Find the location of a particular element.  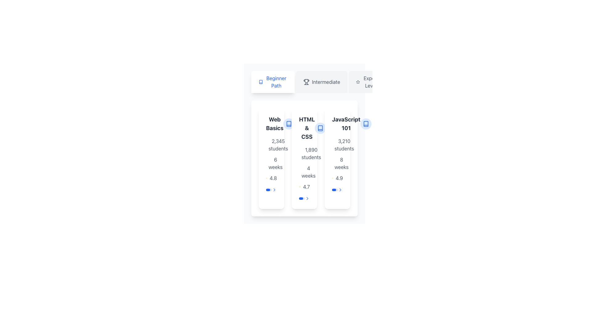

the text label displaying '1,890 students' in gray font, located in the upper section of the second card beneath the title 'HTML & CSS' is located at coordinates (304, 153).